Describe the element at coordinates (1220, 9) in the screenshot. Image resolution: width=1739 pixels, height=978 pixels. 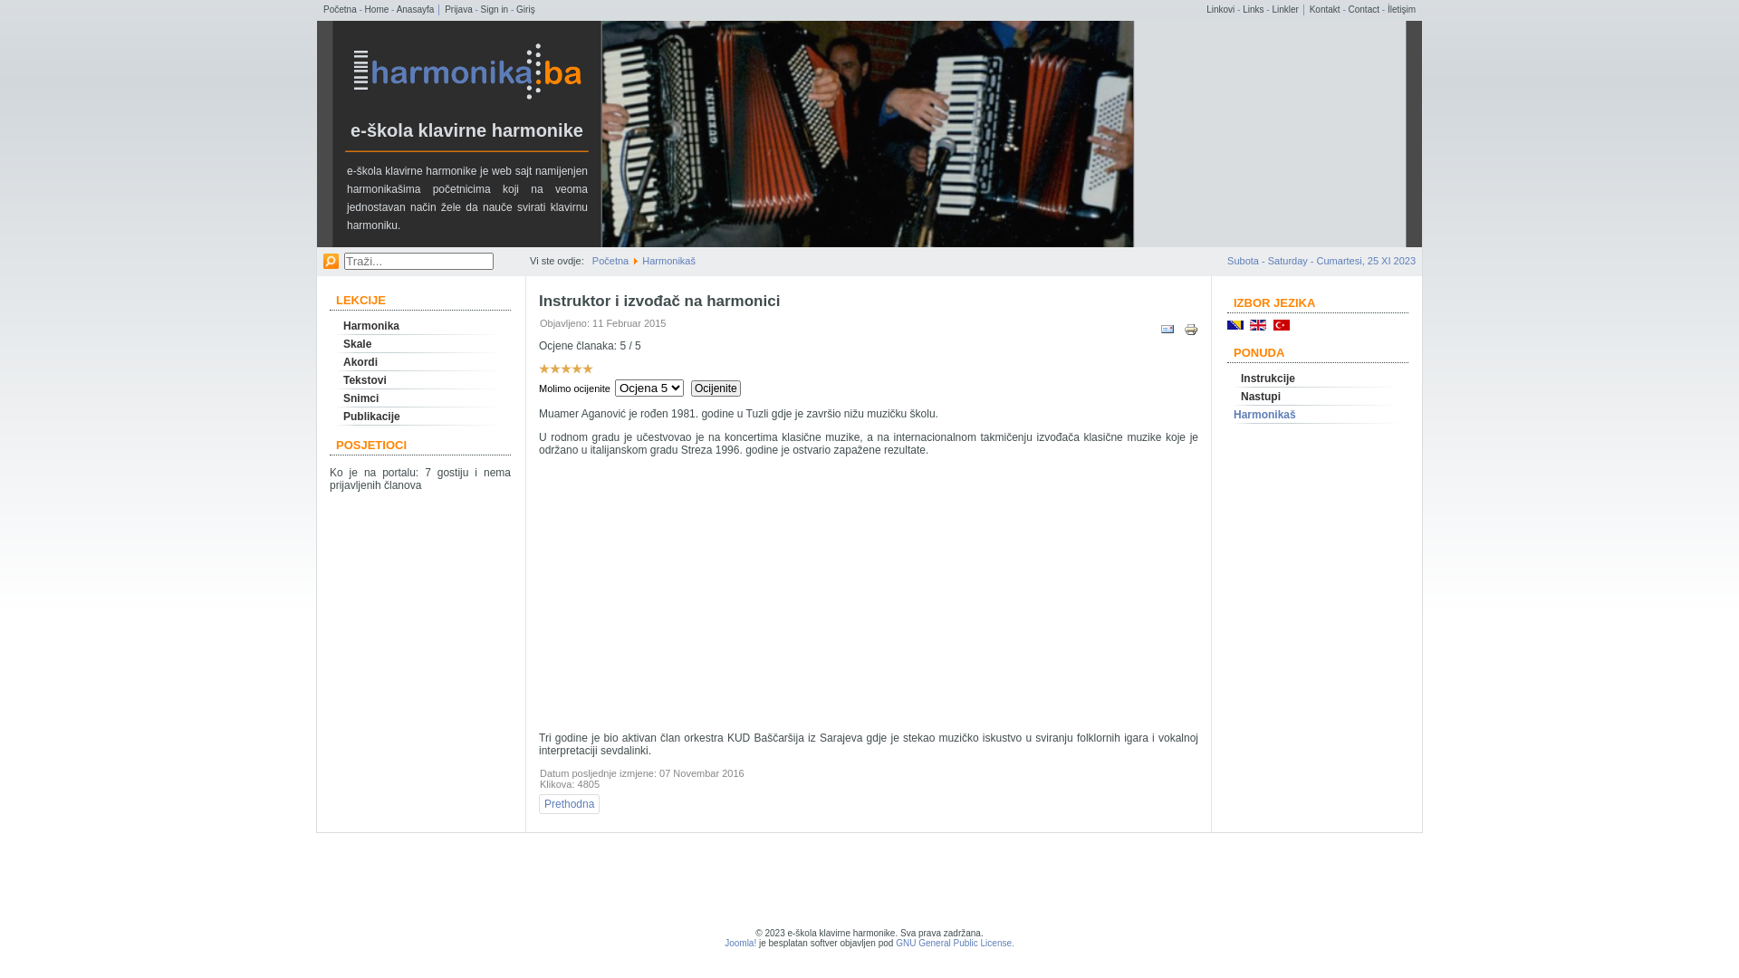
I see `'Linkovi'` at that location.